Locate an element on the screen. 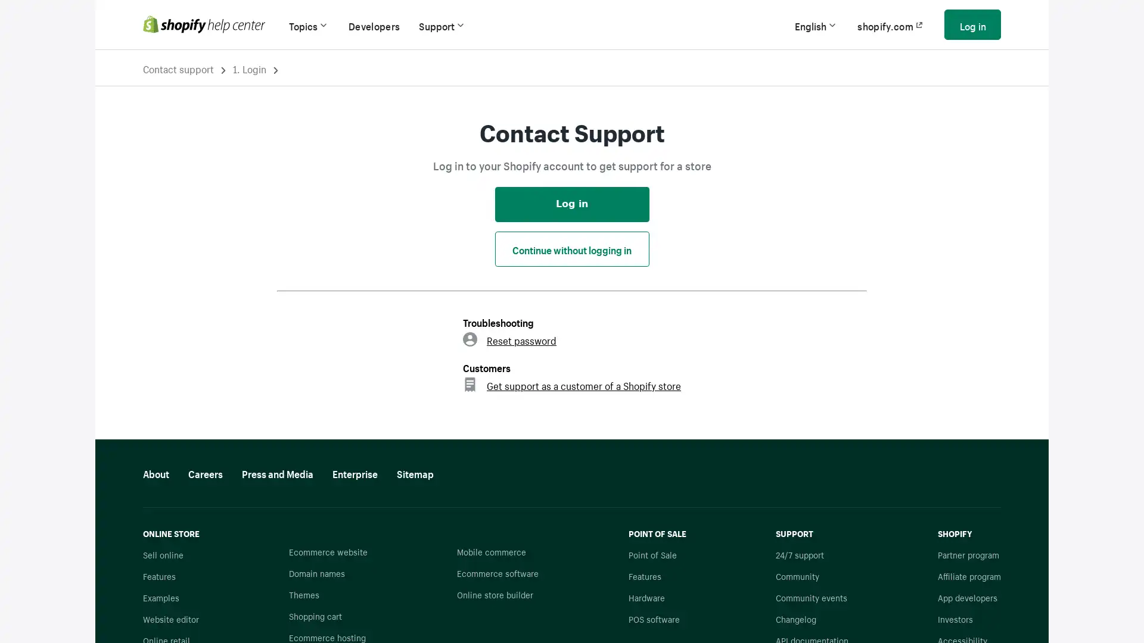 The height and width of the screenshot is (643, 1144). Support is located at coordinates (442, 24).